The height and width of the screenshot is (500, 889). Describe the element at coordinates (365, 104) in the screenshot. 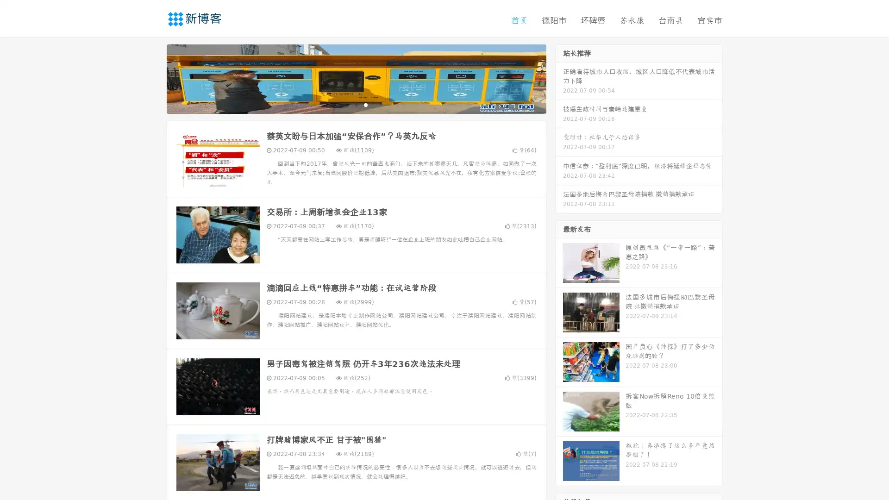

I see `Go to slide 3` at that location.